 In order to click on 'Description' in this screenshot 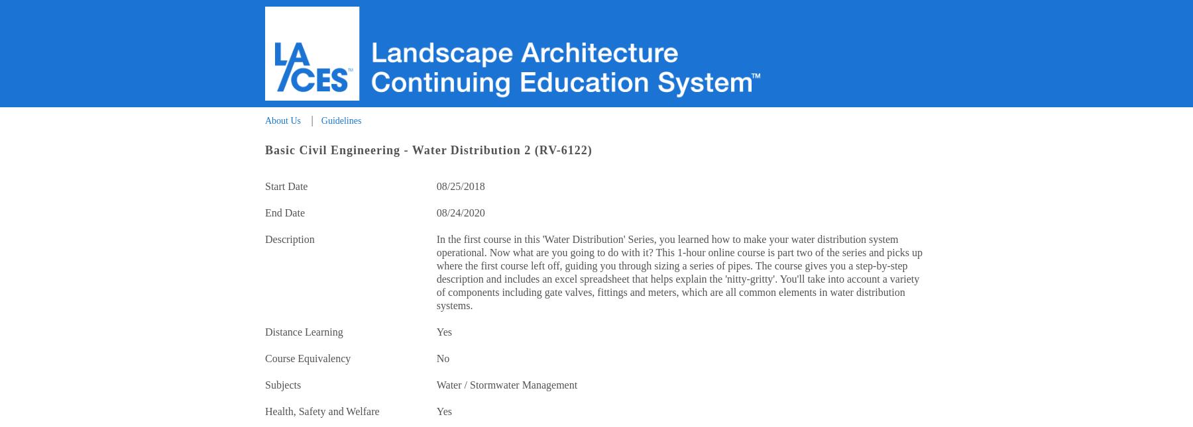, I will do `click(290, 239)`.